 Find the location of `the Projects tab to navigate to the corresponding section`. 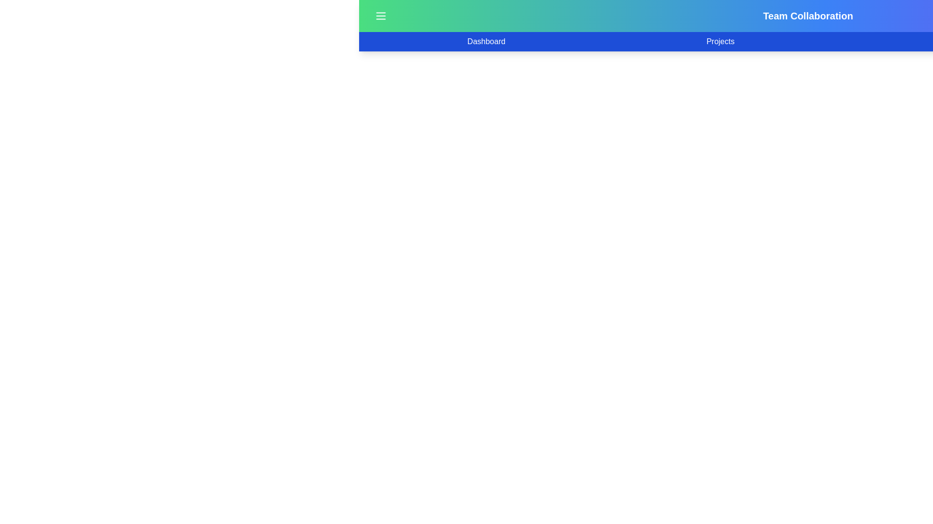

the Projects tab to navigate to the corresponding section is located at coordinates (720, 41).